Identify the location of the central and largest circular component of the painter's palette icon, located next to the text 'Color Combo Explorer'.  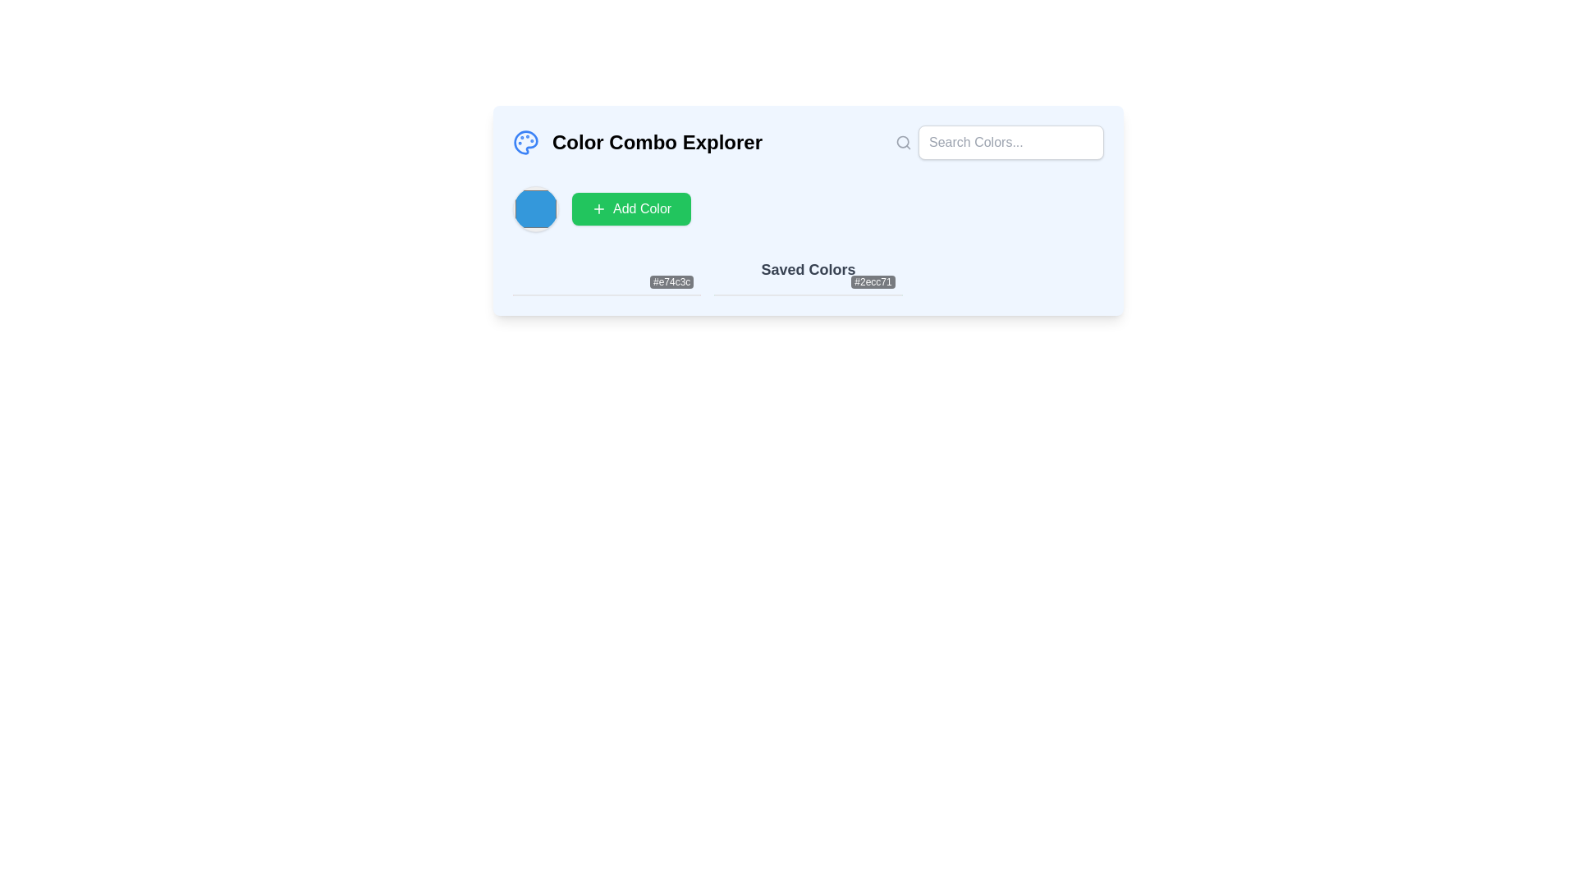
(525, 141).